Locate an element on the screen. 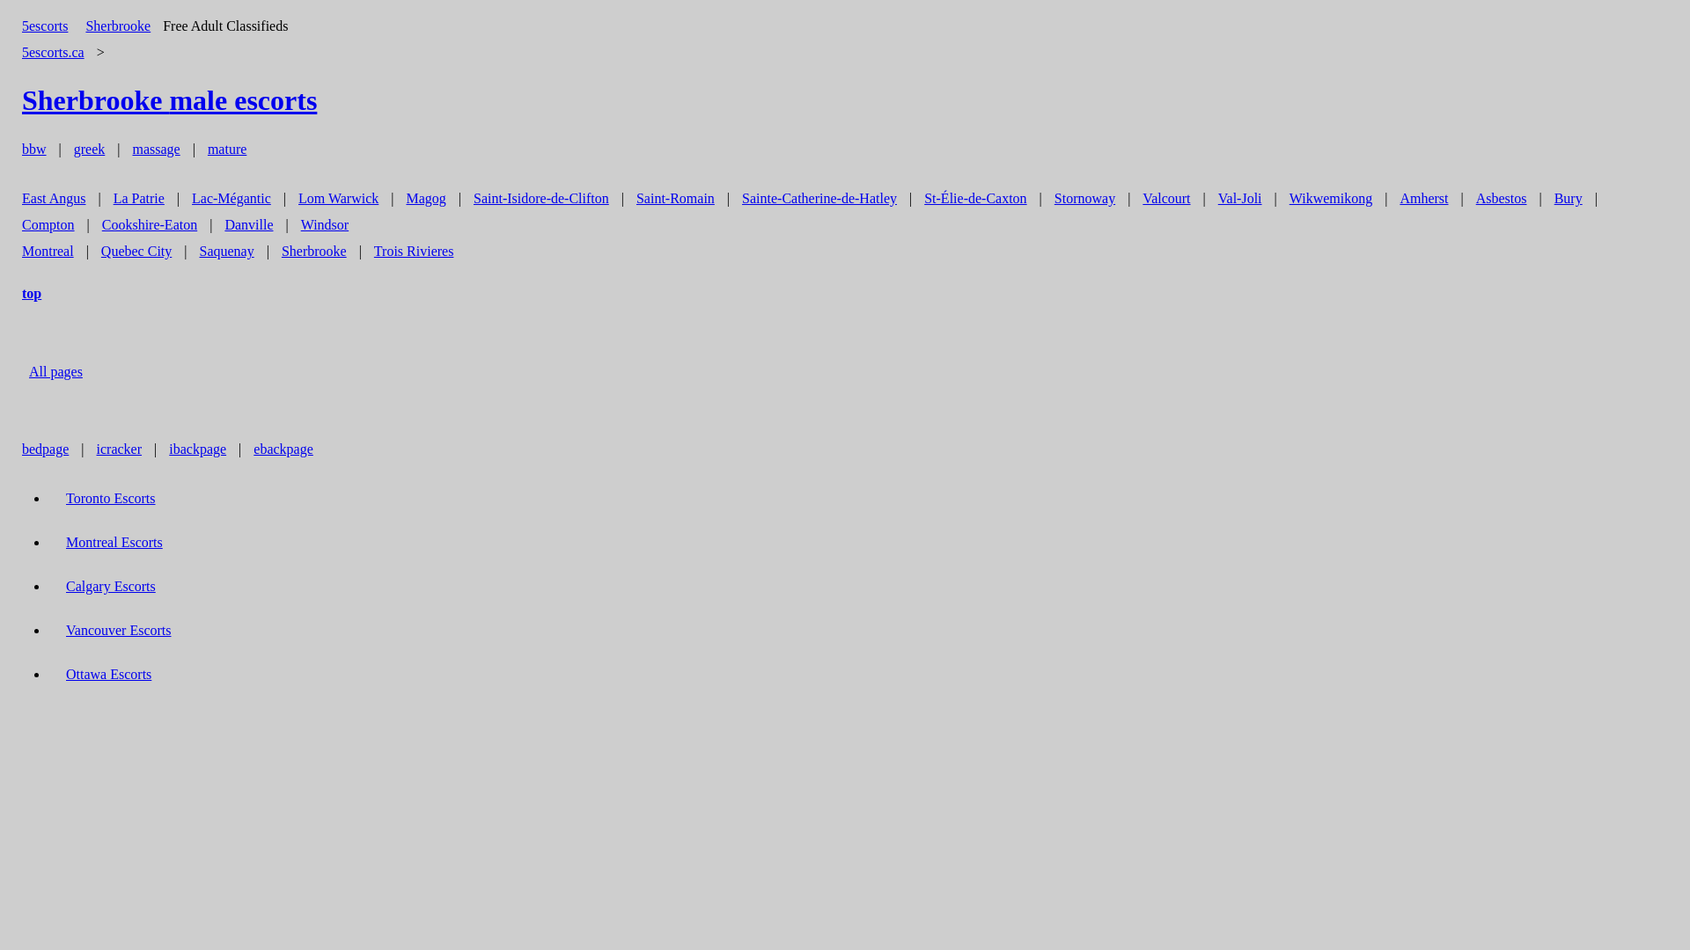 The height and width of the screenshot is (950, 1690). 'mature' is located at coordinates (226, 148).